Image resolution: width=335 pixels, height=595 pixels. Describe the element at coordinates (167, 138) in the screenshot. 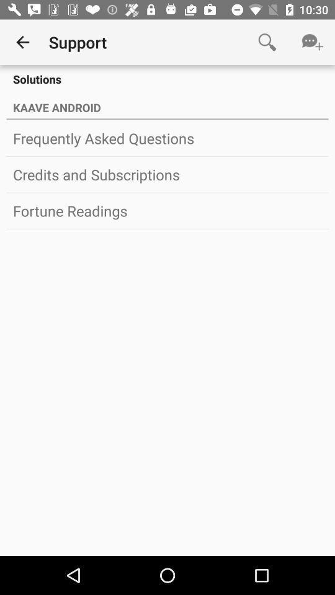

I see `item above credits and subscriptions` at that location.